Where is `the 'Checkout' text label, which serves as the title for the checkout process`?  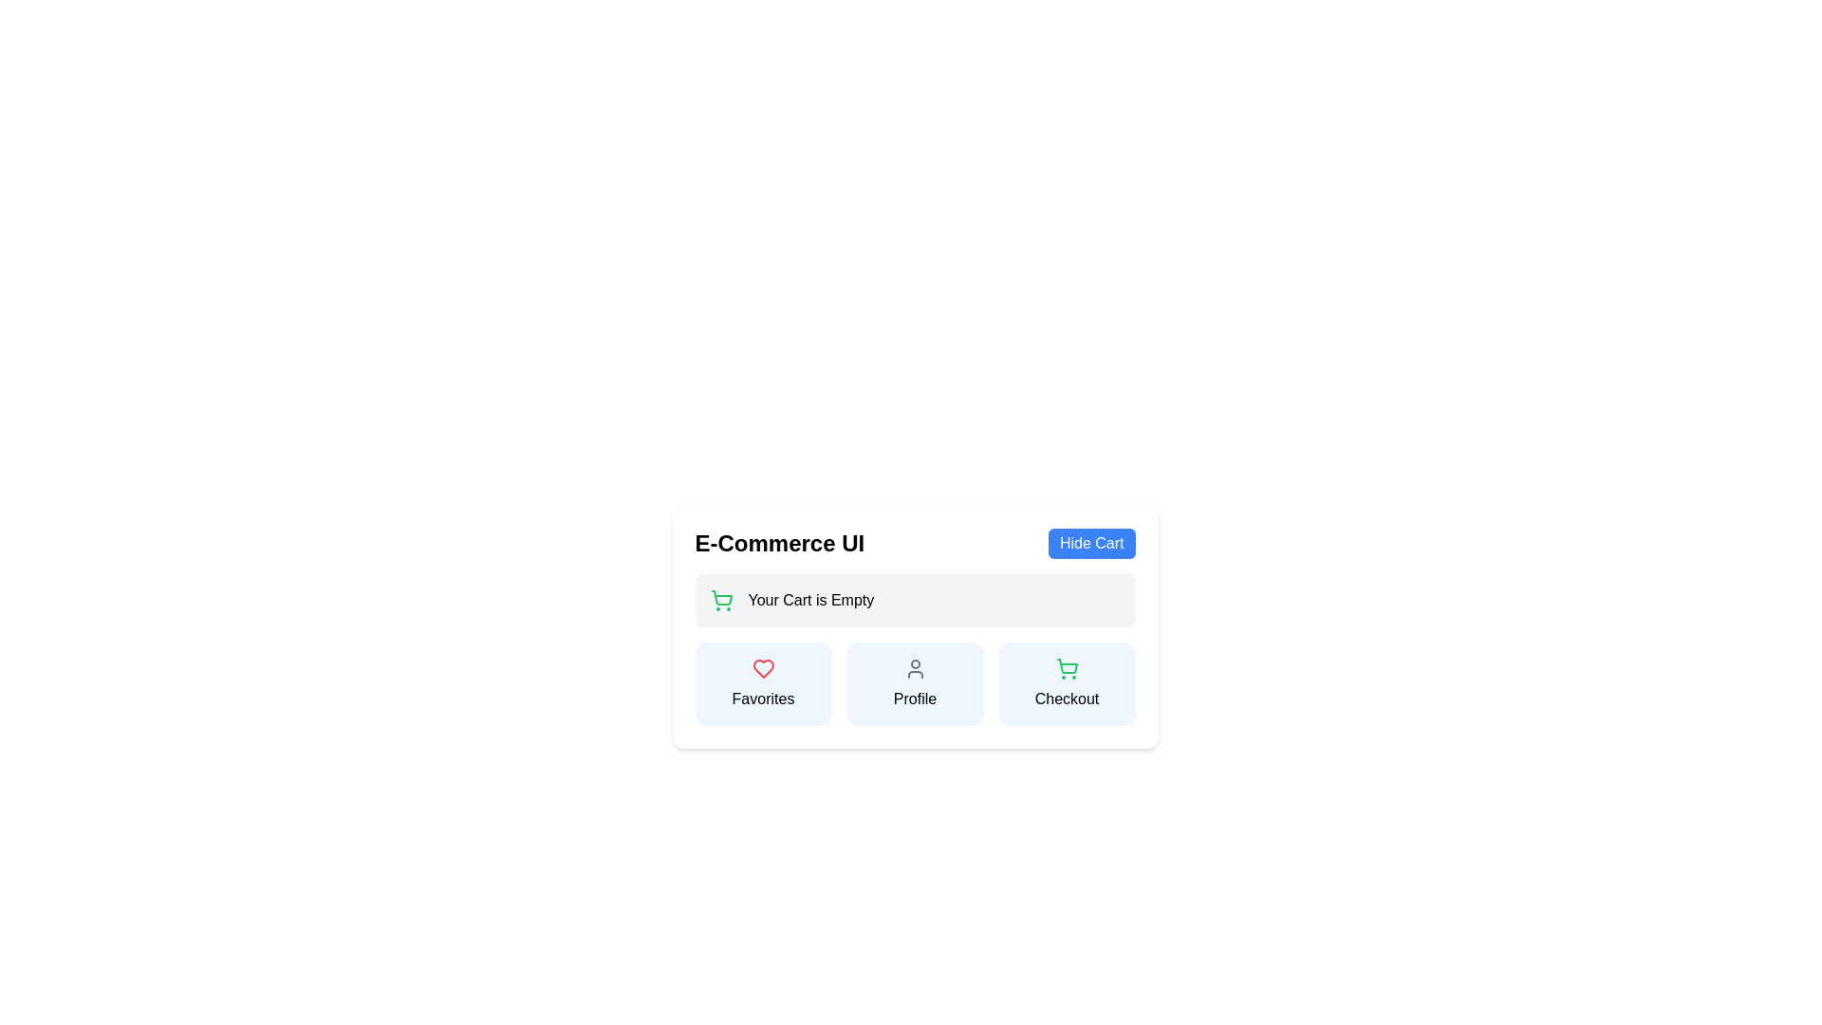 the 'Checkout' text label, which serves as the title for the checkout process is located at coordinates (1067, 699).